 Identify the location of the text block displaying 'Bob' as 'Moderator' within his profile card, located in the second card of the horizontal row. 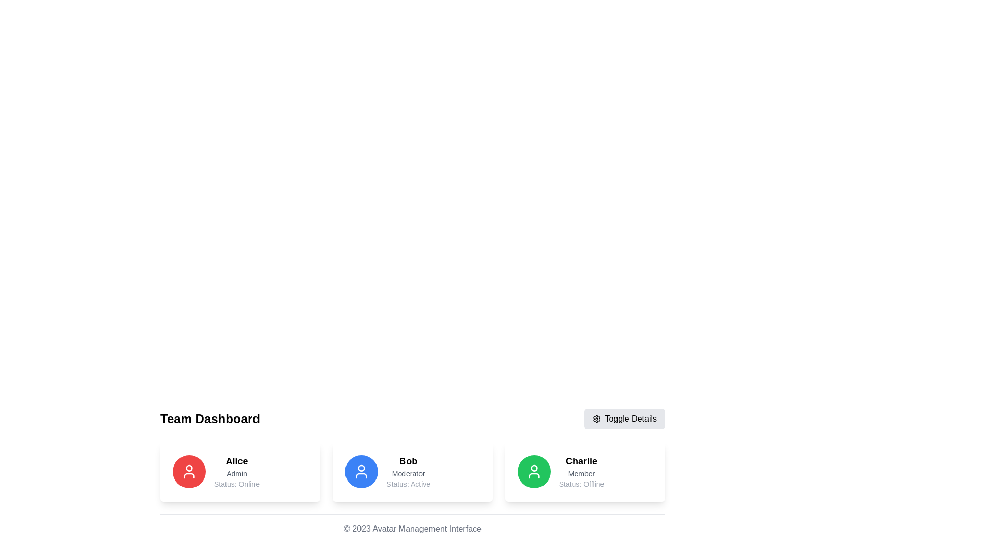
(408, 472).